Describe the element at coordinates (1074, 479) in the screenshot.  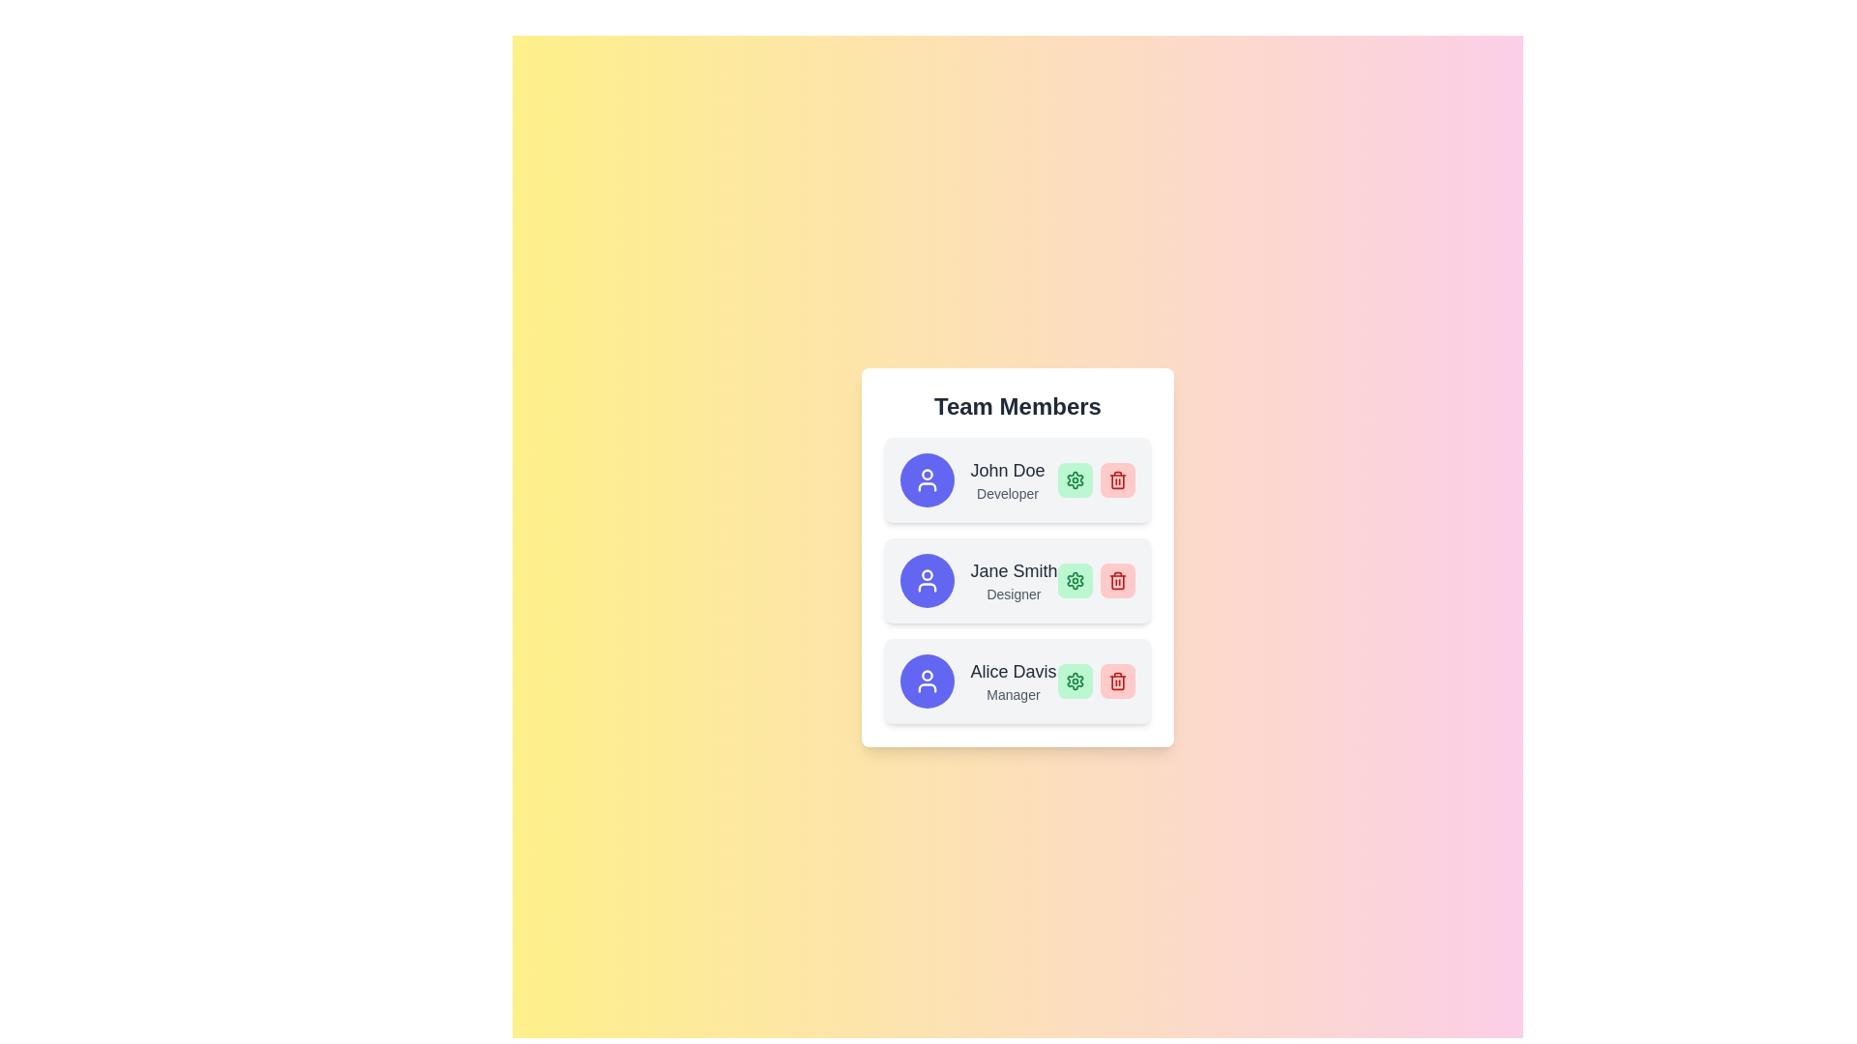
I see `the settings icon for team member 'John Doe', positioned under the title 'Developer'` at that location.